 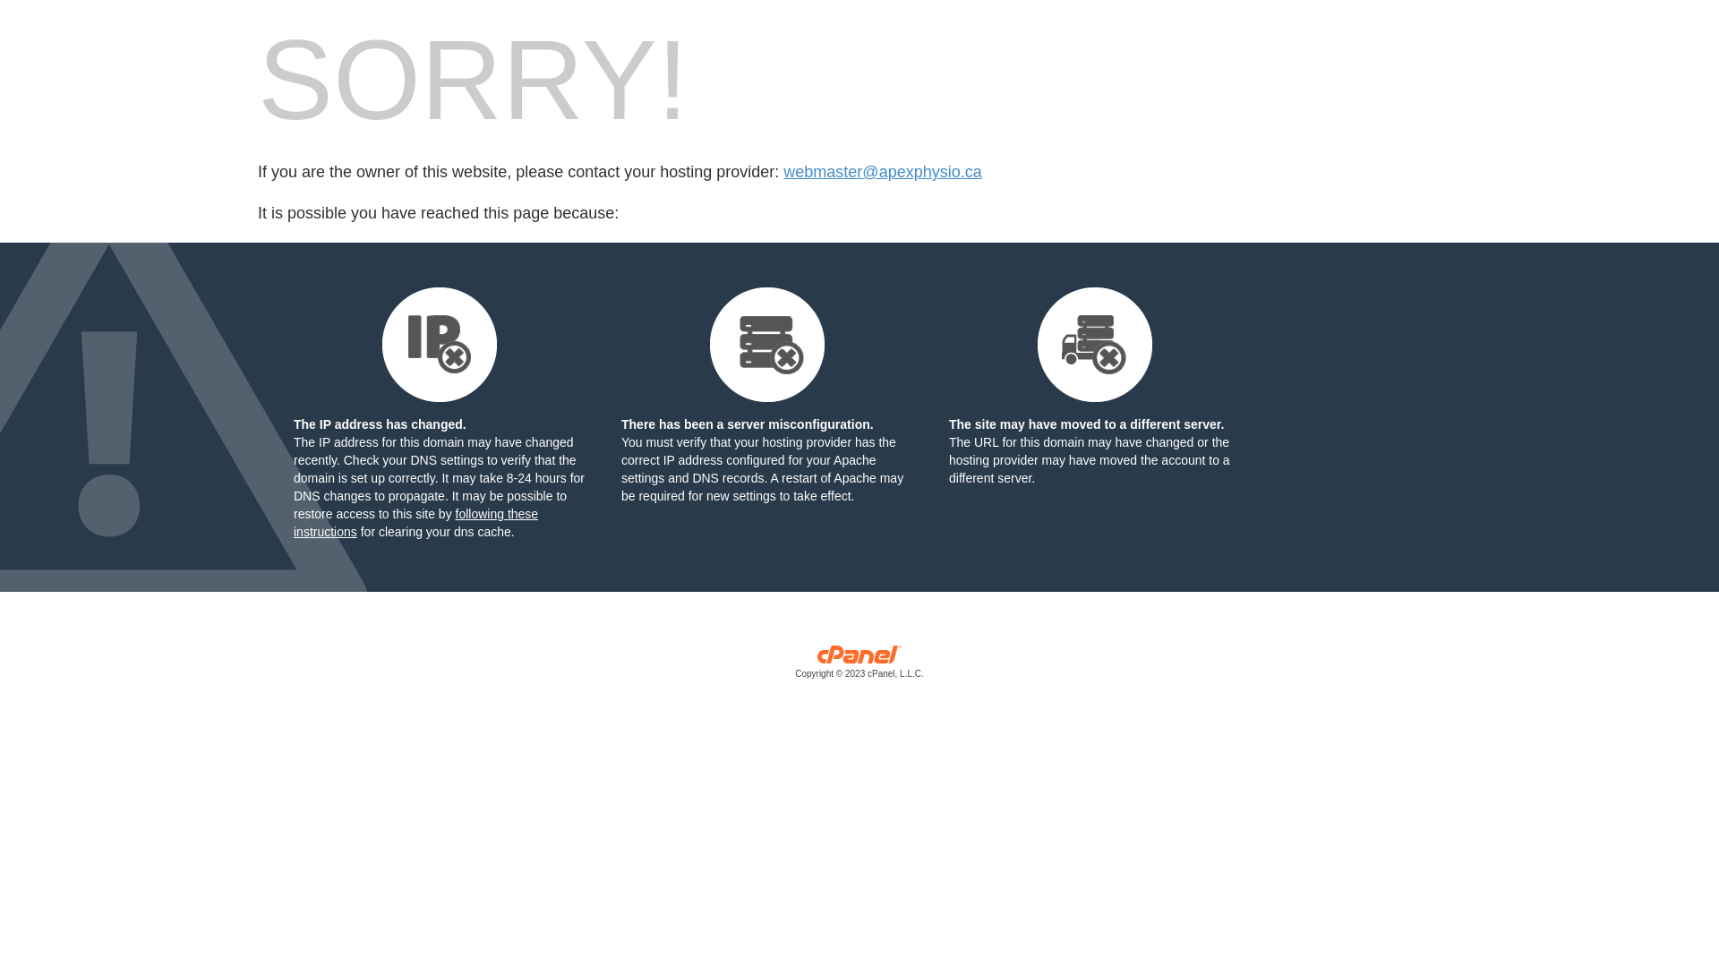 What do you see at coordinates (415, 522) in the screenshot?
I see `'following these instructions'` at bounding box center [415, 522].